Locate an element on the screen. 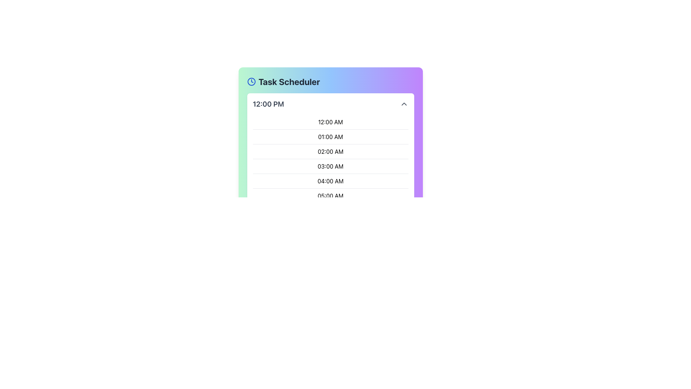  the text label displaying '01:00 AM', which is the second item in a vertical list of time labels is located at coordinates (330, 137).